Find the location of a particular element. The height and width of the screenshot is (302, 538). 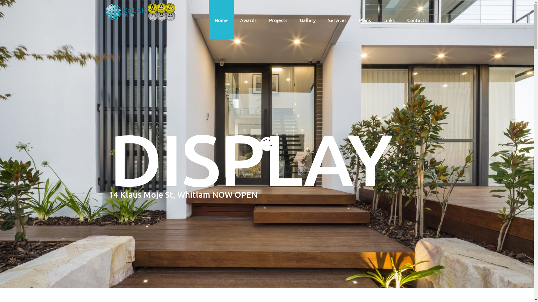

'Home' is located at coordinates (221, 19).